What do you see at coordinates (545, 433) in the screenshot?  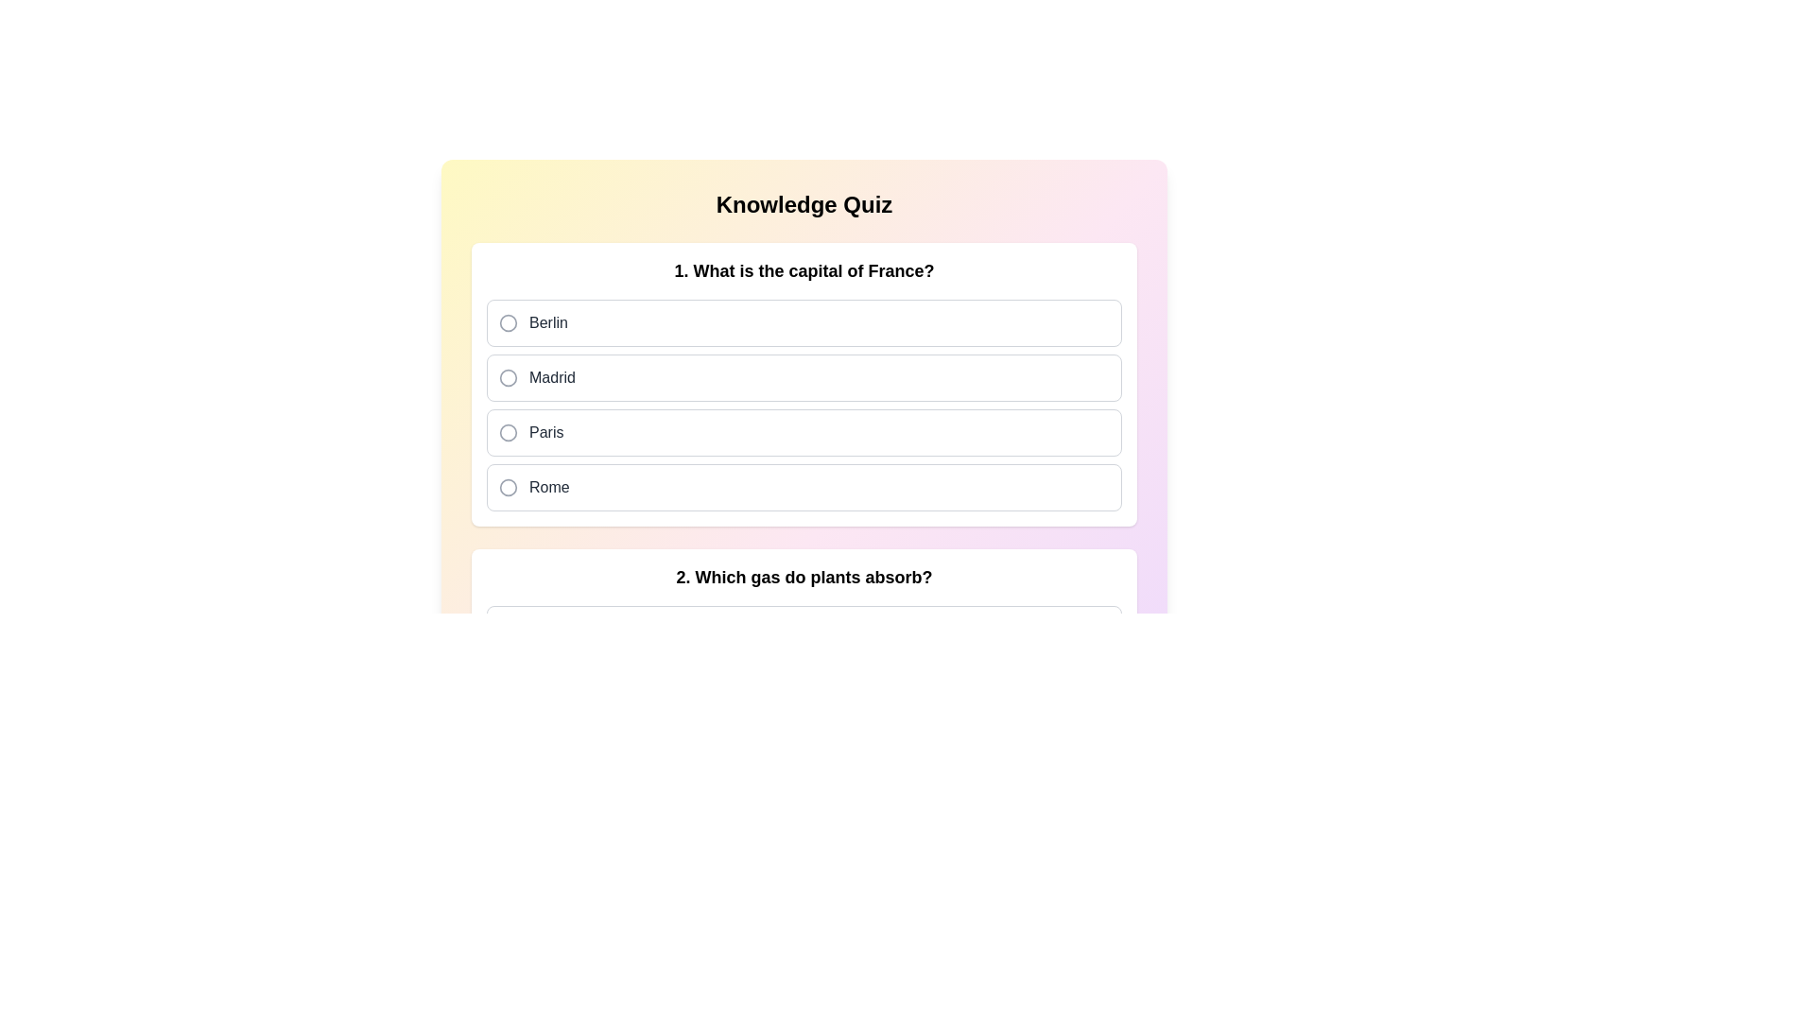 I see `the third option text label for the quiz question 'What is the capital of France?', which is positioned to the right of a circular radio button` at bounding box center [545, 433].